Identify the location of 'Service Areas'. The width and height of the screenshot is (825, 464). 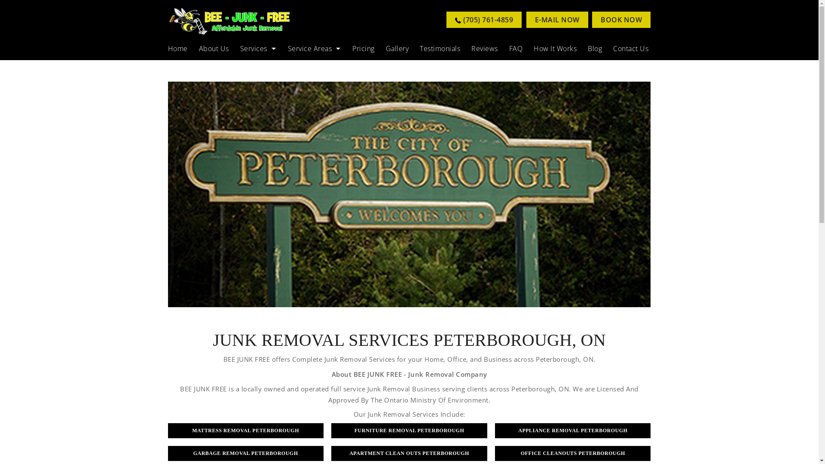
(314, 49).